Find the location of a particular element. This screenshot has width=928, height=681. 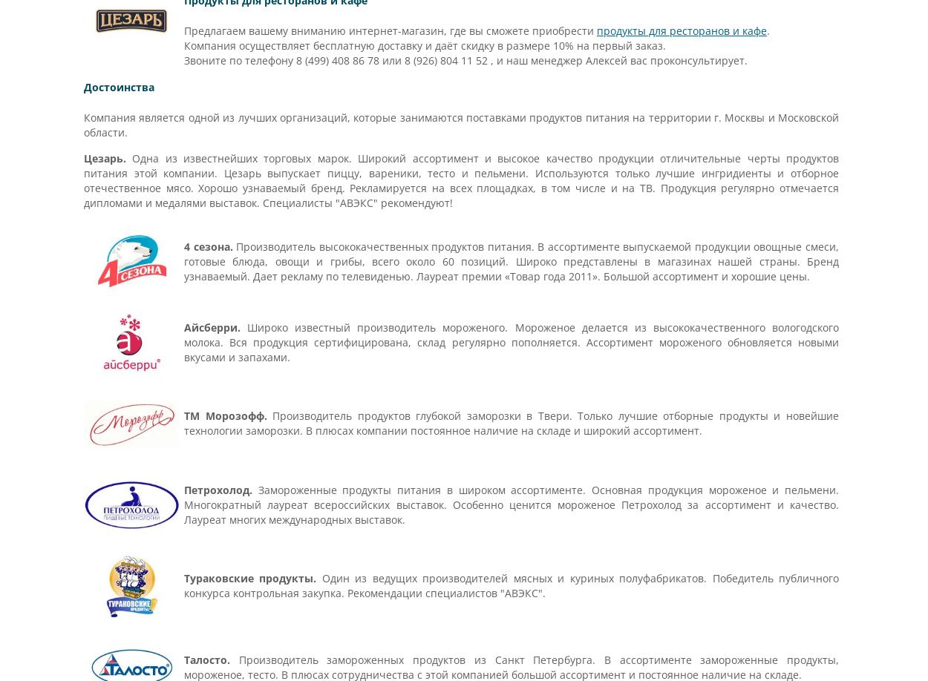

'.' is located at coordinates (768, 30).